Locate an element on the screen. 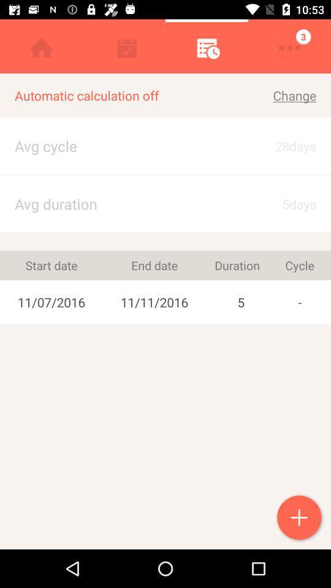 The image size is (331, 588). the app to the left of cycle app is located at coordinates (241, 301).